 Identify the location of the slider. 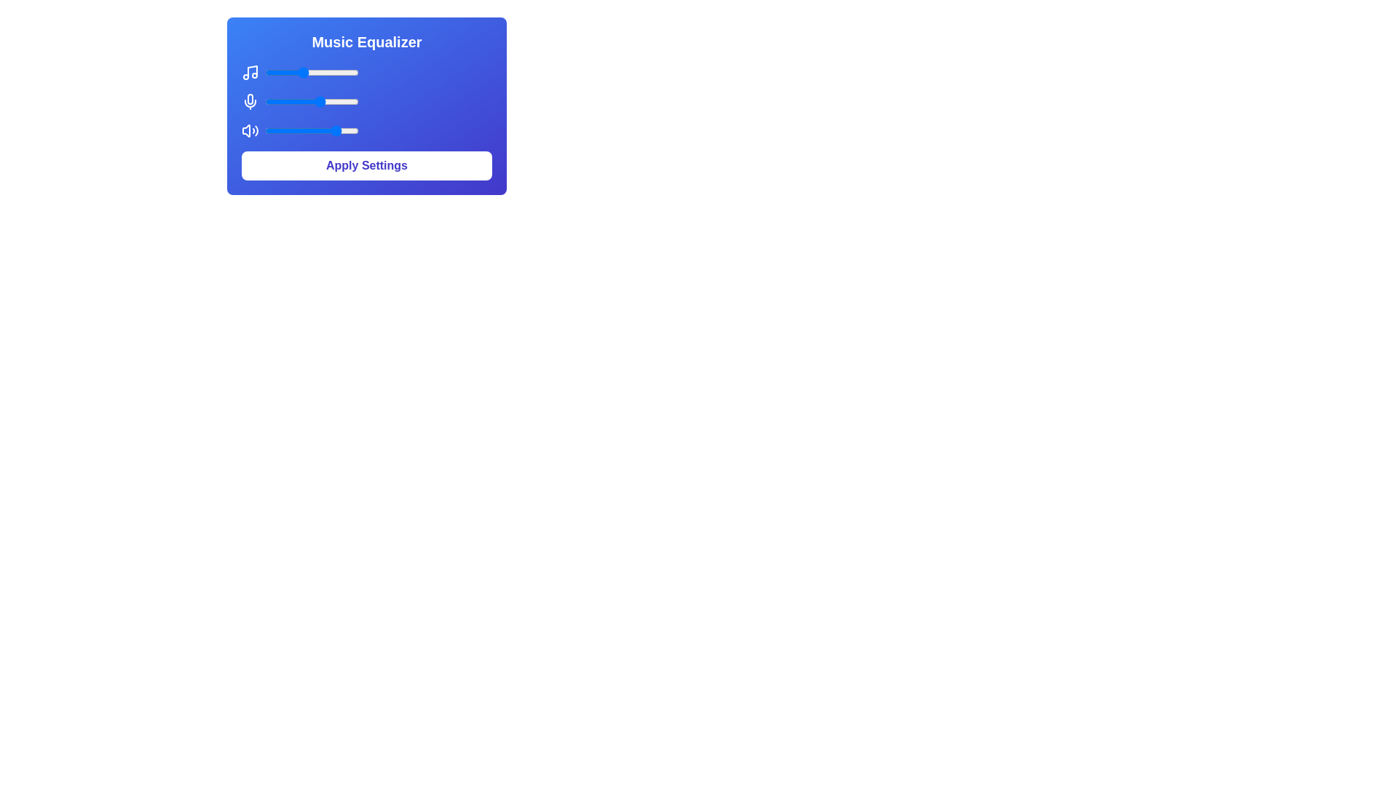
(280, 100).